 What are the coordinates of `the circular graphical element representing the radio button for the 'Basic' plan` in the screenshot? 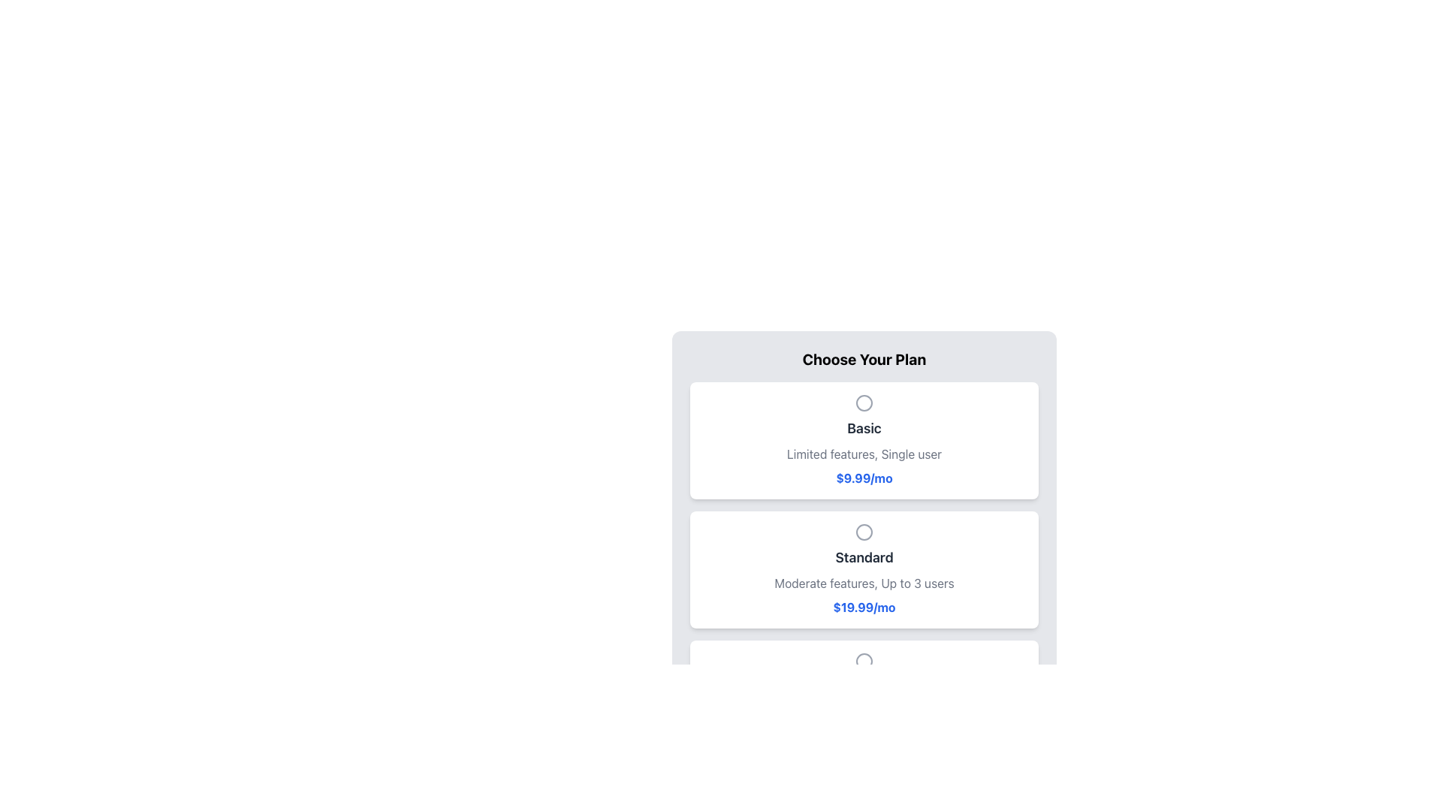 It's located at (864, 402).